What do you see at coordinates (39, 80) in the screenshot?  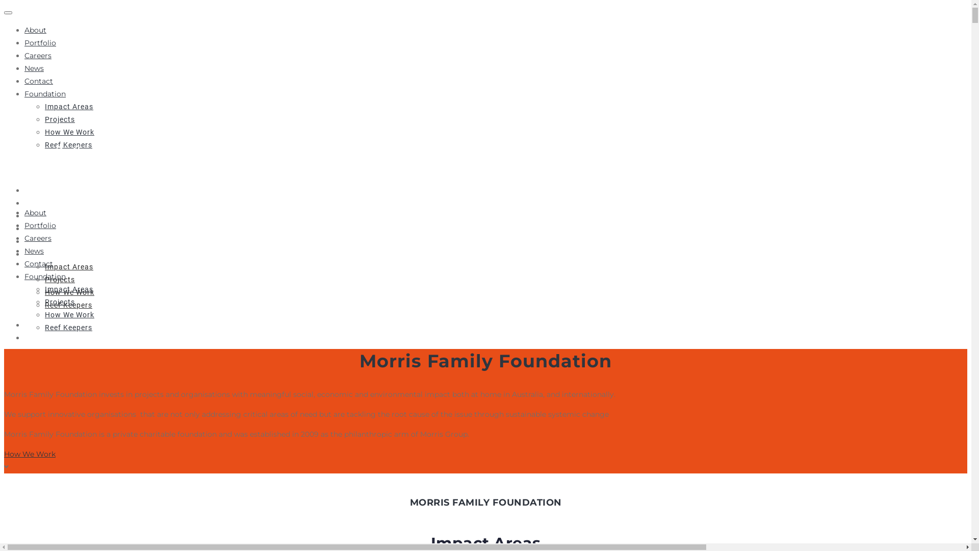 I see `'Contact'` at bounding box center [39, 80].